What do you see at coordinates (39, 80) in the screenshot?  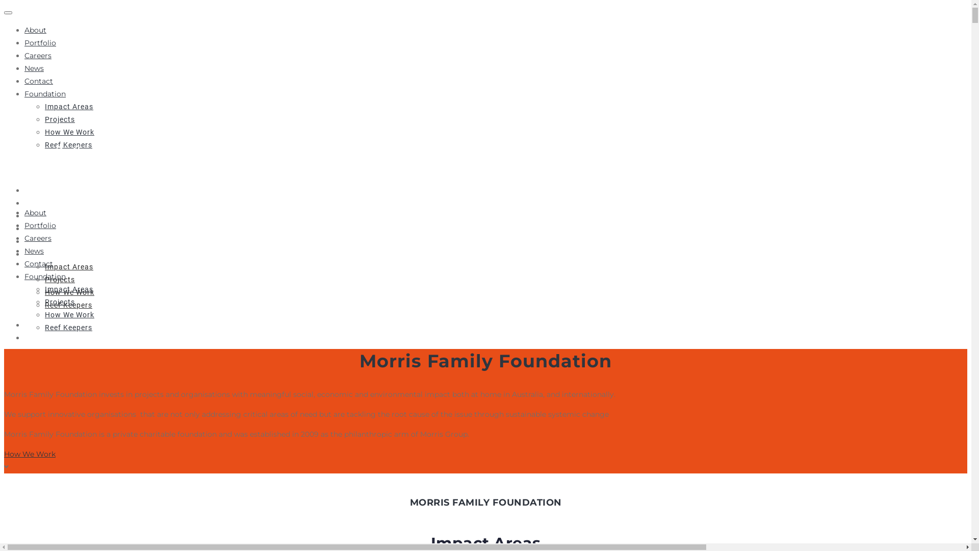 I see `'Contact'` at bounding box center [39, 80].